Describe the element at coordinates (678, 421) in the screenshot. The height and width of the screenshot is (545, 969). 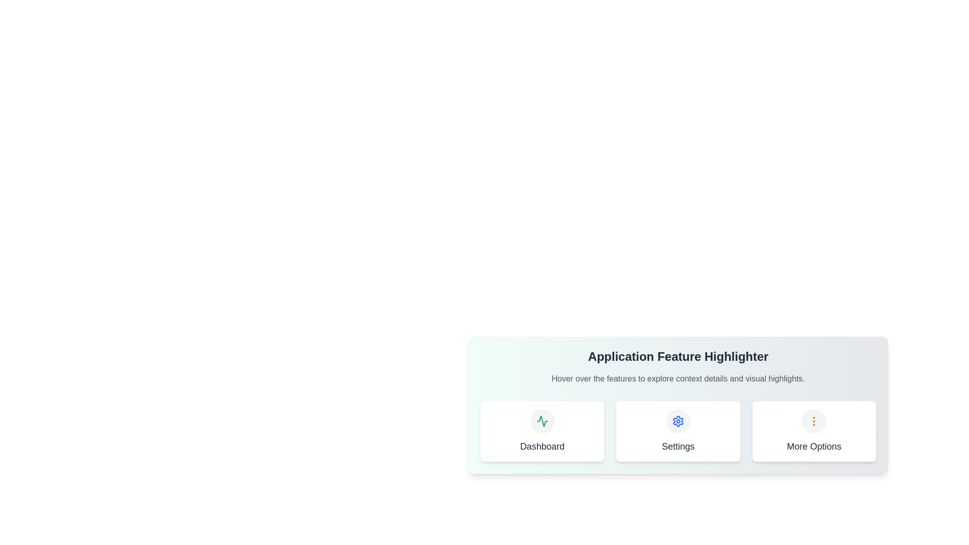
I see `the blue gear icon button located under the 'Settings' label` at that location.